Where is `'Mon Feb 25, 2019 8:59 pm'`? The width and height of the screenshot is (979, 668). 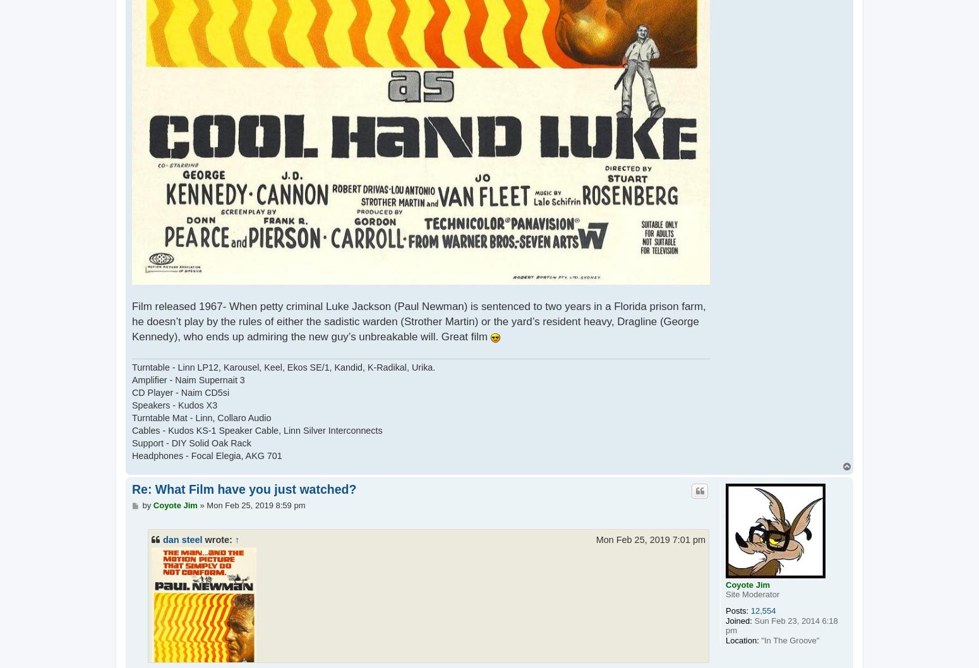
'Mon Feb 25, 2019 8:59 pm' is located at coordinates (256, 504).